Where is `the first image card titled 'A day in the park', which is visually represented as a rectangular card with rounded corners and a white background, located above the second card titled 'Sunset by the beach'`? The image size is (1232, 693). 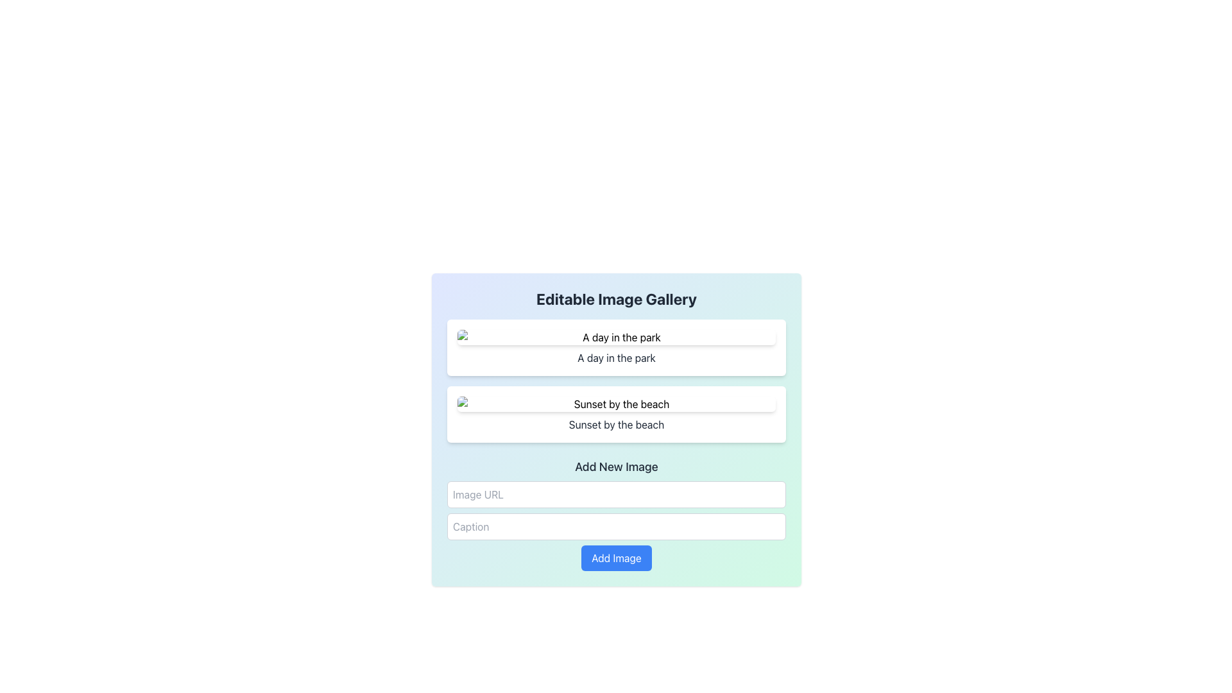
the first image card titled 'A day in the park', which is visually represented as a rectangular card with rounded corners and a white background, located above the second card titled 'Sunset by the beach' is located at coordinates (616, 348).